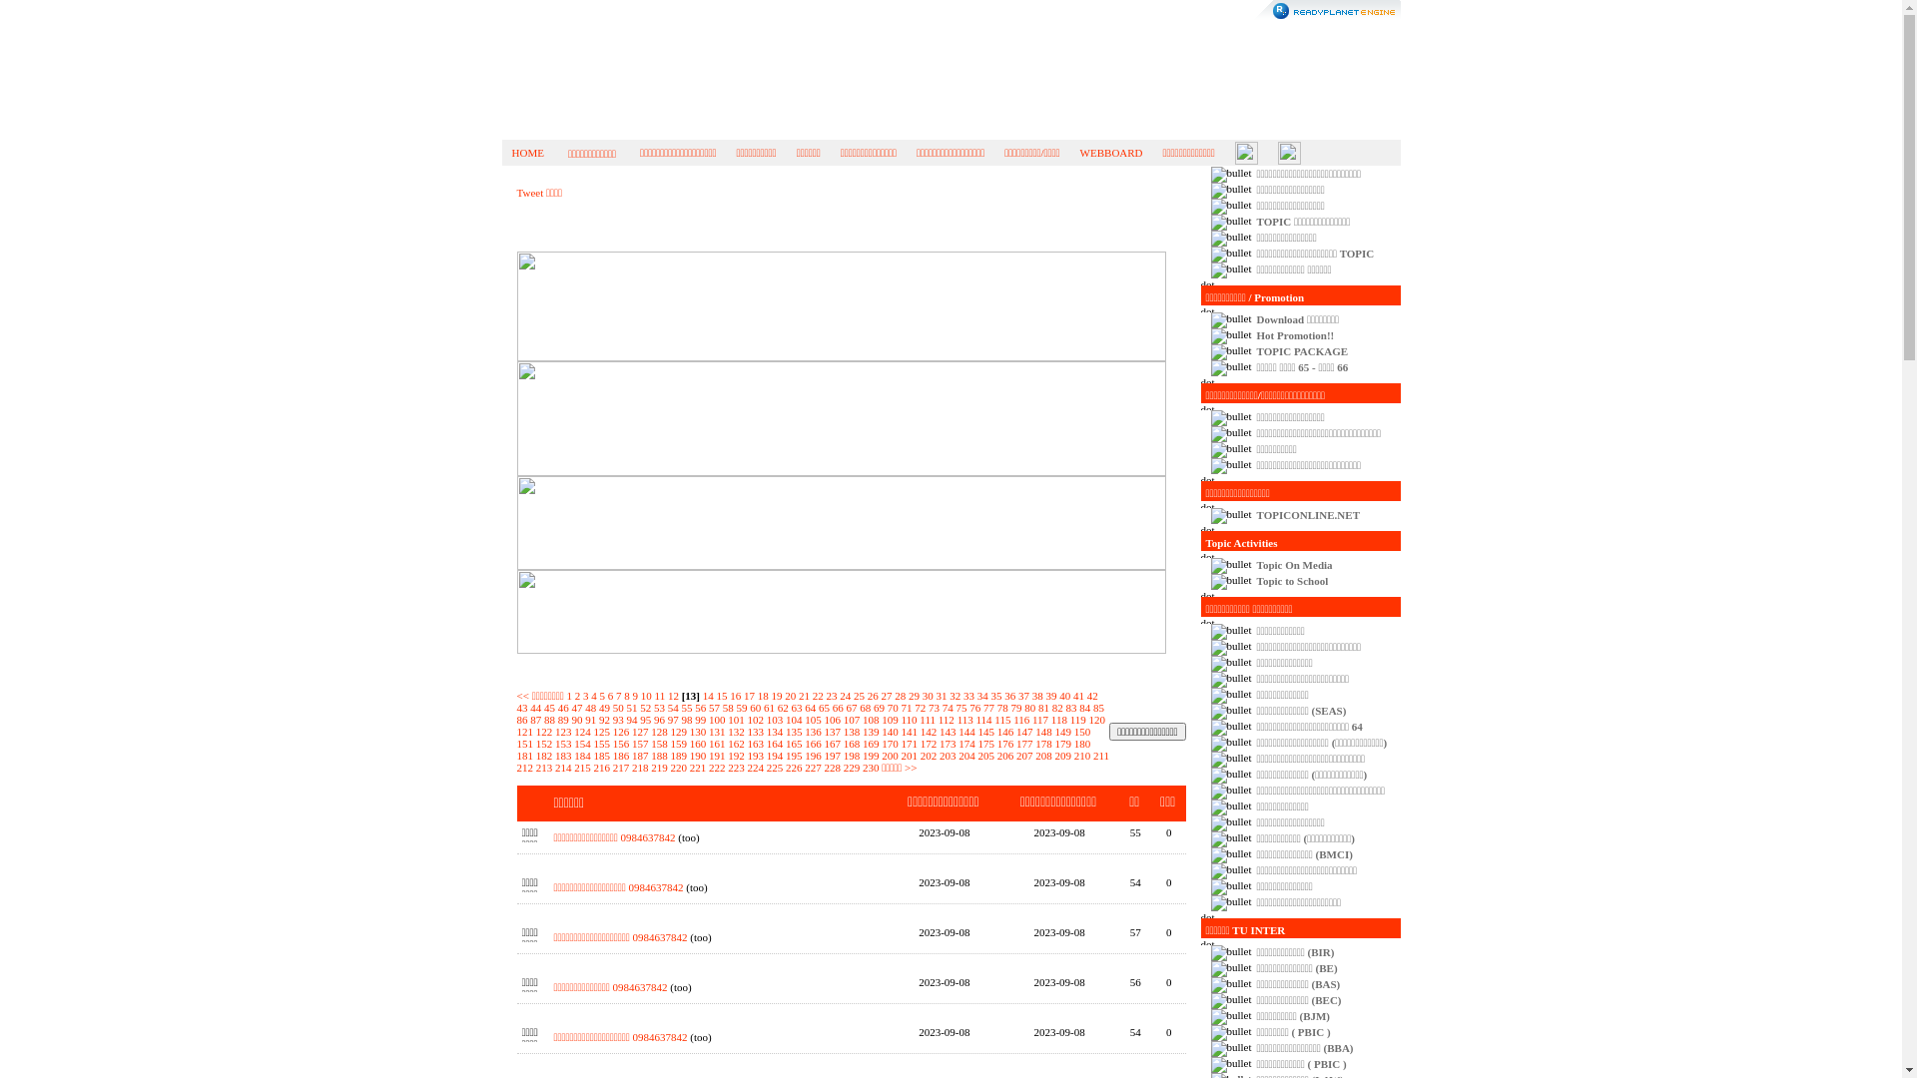 This screenshot has width=1917, height=1078. What do you see at coordinates (1049, 695) in the screenshot?
I see `'39'` at bounding box center [1049, 695].